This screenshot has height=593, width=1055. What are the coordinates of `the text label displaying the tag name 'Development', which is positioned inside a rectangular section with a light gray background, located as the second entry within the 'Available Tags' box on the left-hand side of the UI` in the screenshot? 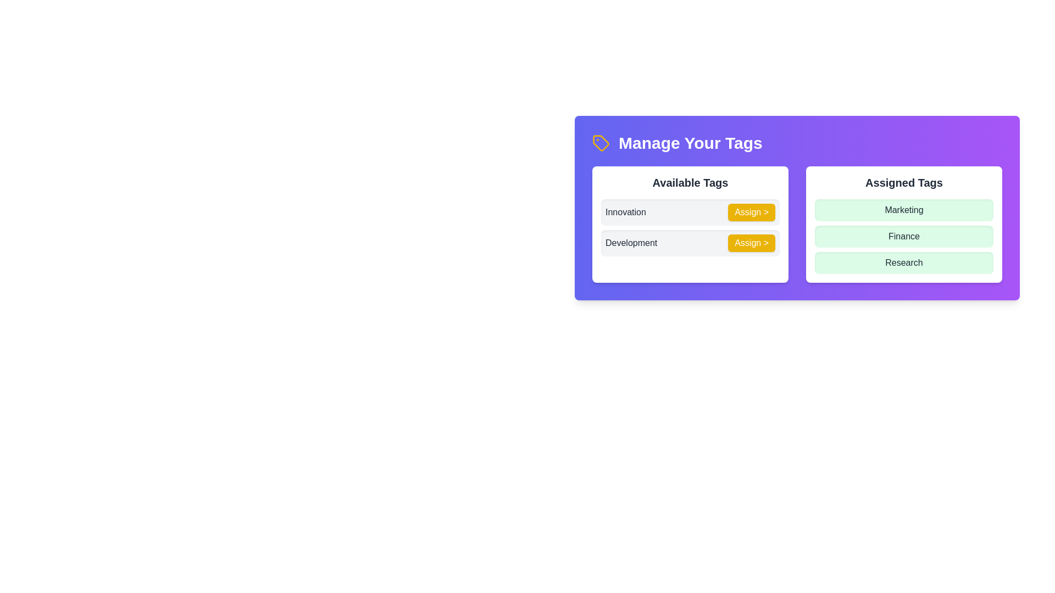 It's located at (631, 243).